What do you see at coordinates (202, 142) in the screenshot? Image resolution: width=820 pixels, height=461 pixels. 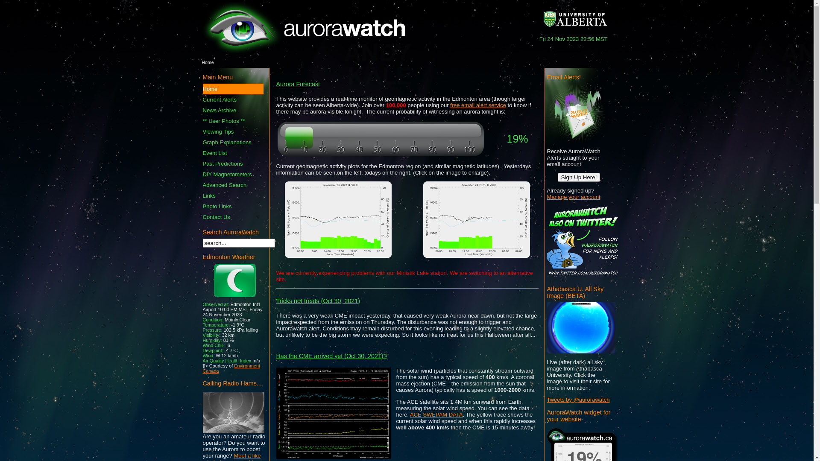 I see `'Graph Explanations'` at bounding box center [202, 142].